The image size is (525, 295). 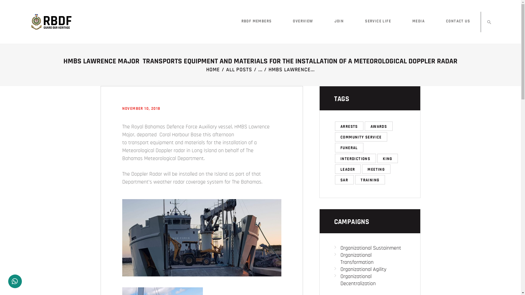 What do you see at coordinates (378, 126) in the screenshot?
I see `'AWARDS'` at bounding box center [378, 126].